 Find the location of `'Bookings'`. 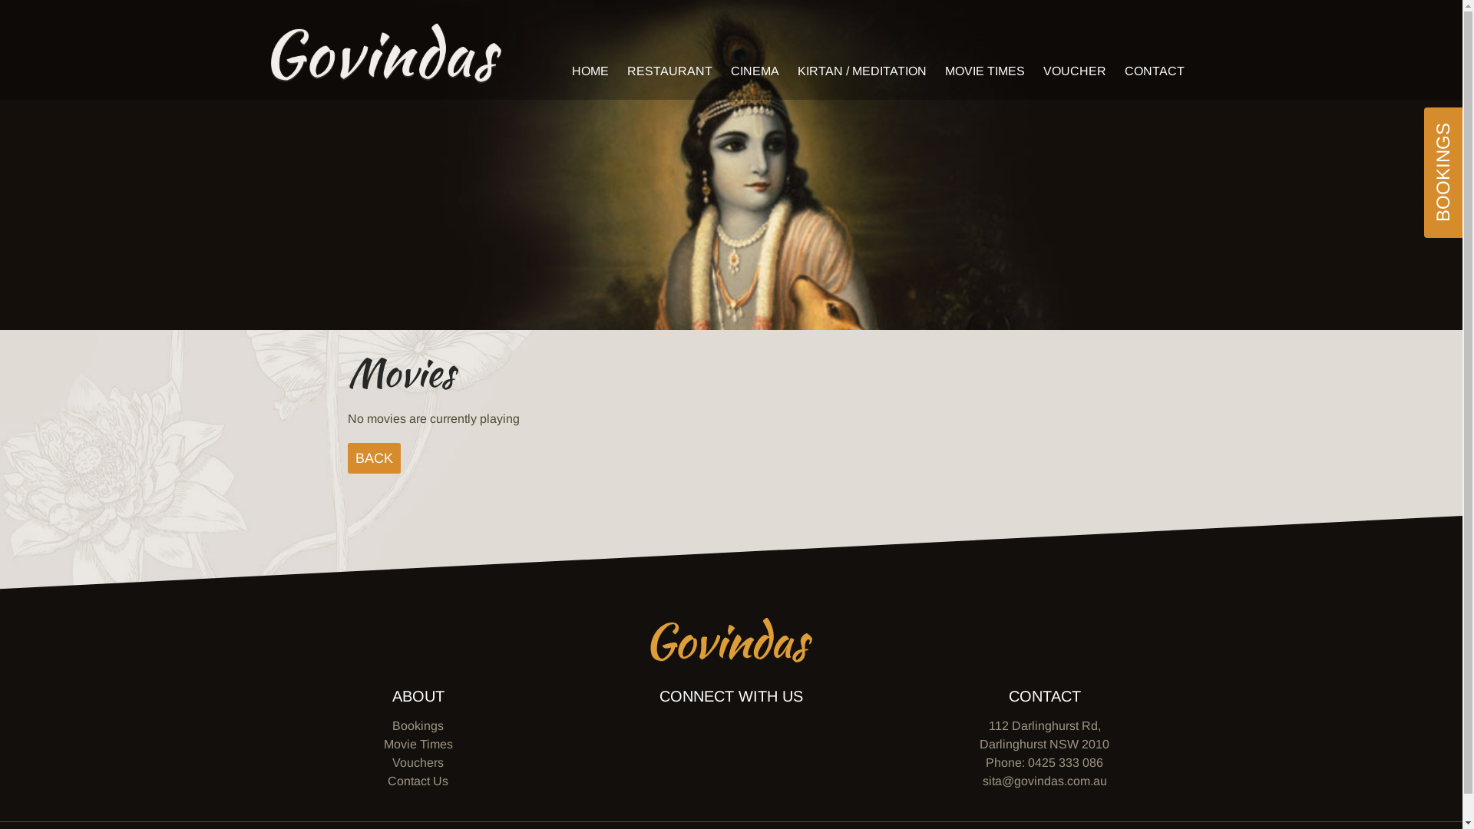

'Bookings' is located at coordinates (418, 725).